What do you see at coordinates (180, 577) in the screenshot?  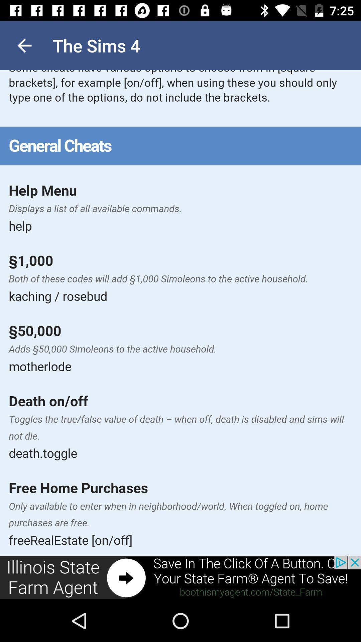 I see `its an advertisement` at bounding box center [180, 577].